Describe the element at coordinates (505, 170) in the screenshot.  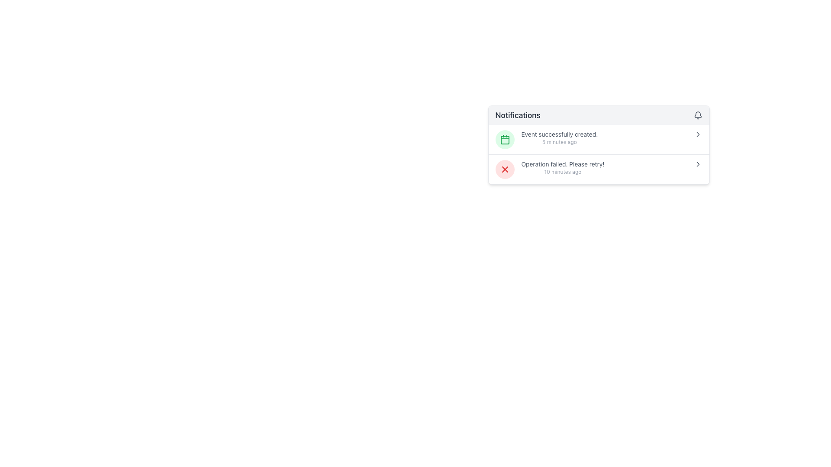
I see `the red circular icon with a red 'X' symbol, which is the second item in the vertically stacked notification list adjacent to the text 'Operation failed. Please retry!'` at that location.